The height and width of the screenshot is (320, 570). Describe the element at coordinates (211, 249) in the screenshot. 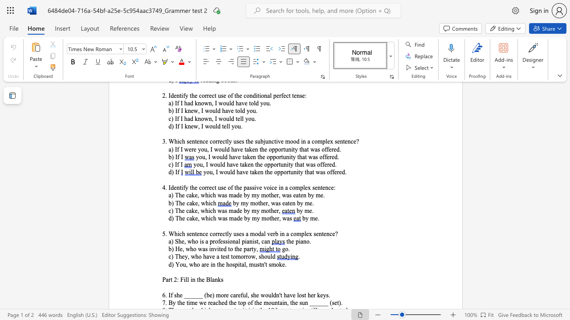

I see `the space between the continuous character "i" and "n" in the text` at that location.